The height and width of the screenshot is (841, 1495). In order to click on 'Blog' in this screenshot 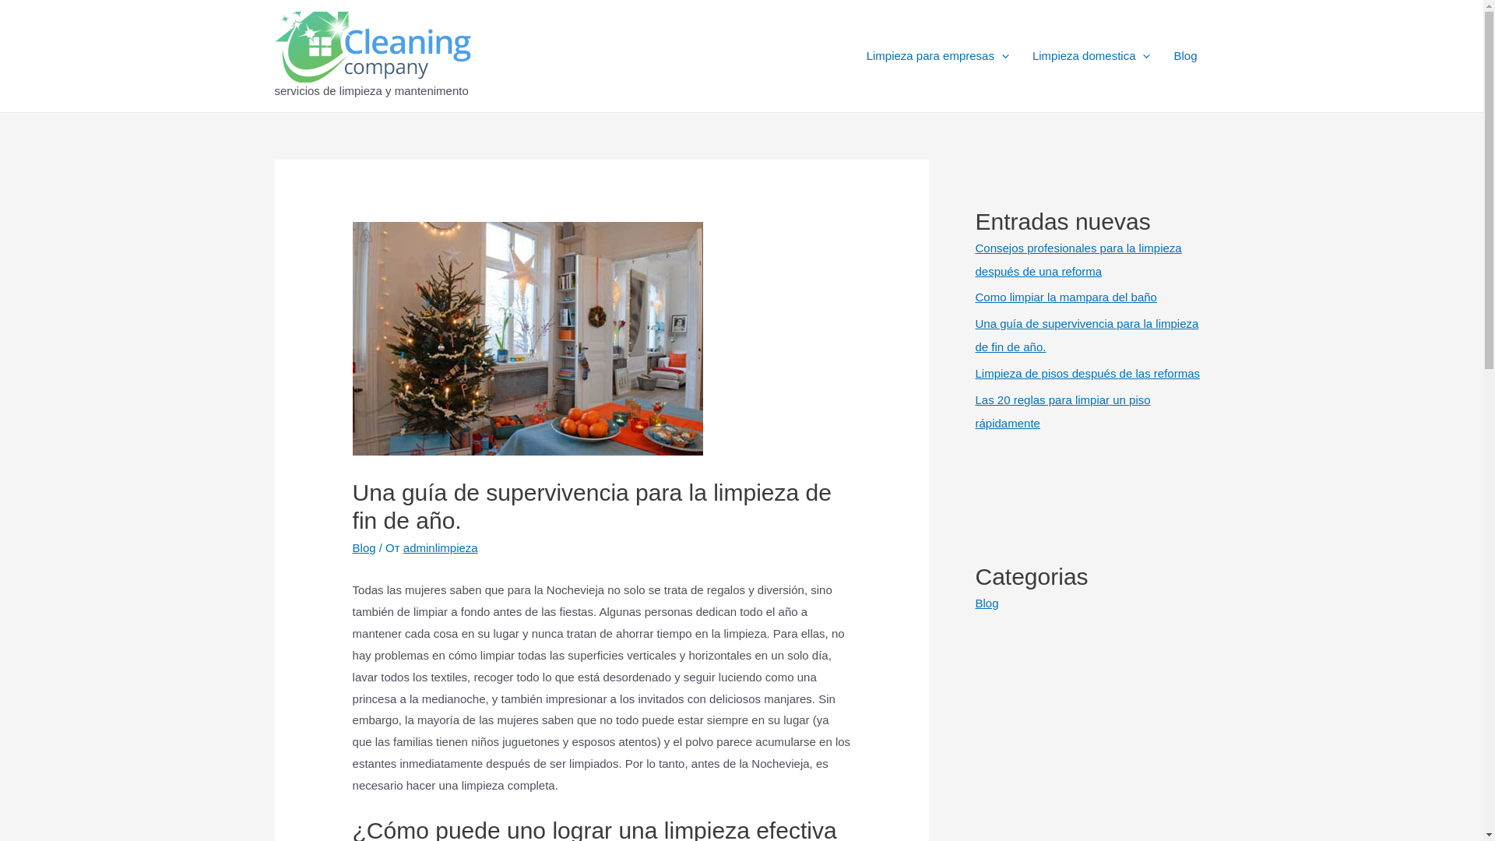, I will do `click(1162, 55)`.